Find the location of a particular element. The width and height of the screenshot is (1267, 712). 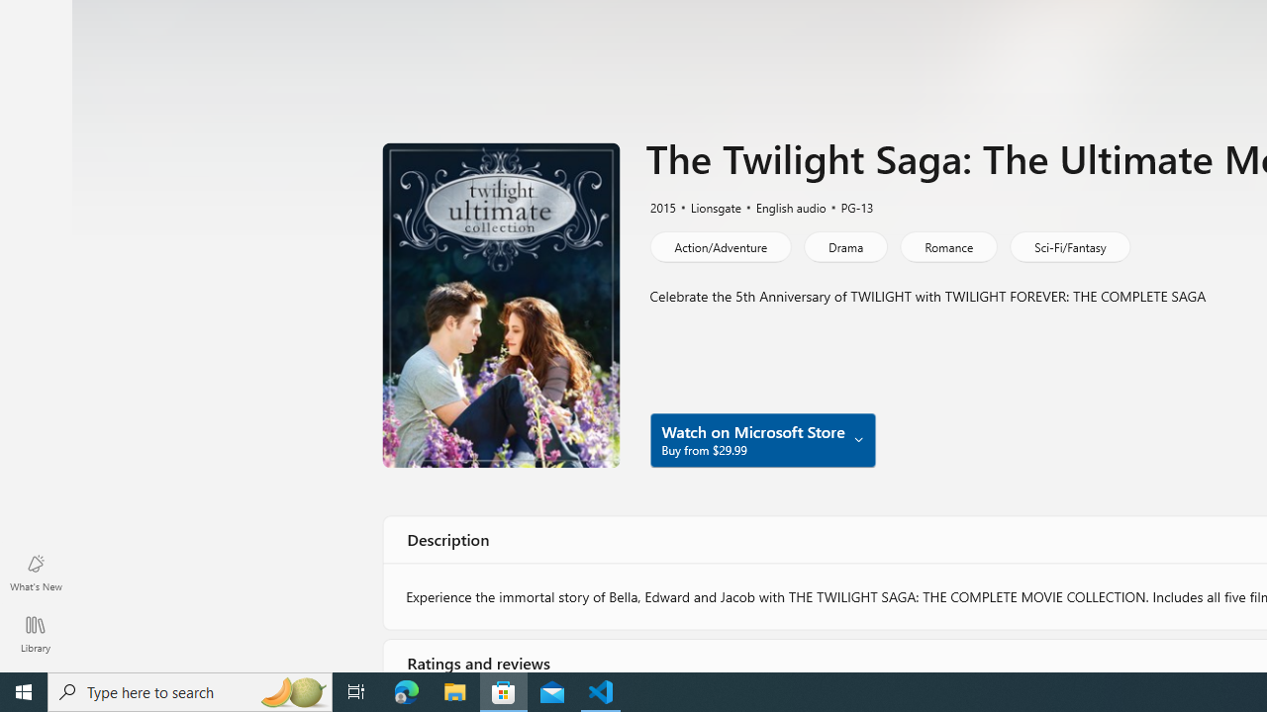

'Romance' is located at coordinates (947, 245).